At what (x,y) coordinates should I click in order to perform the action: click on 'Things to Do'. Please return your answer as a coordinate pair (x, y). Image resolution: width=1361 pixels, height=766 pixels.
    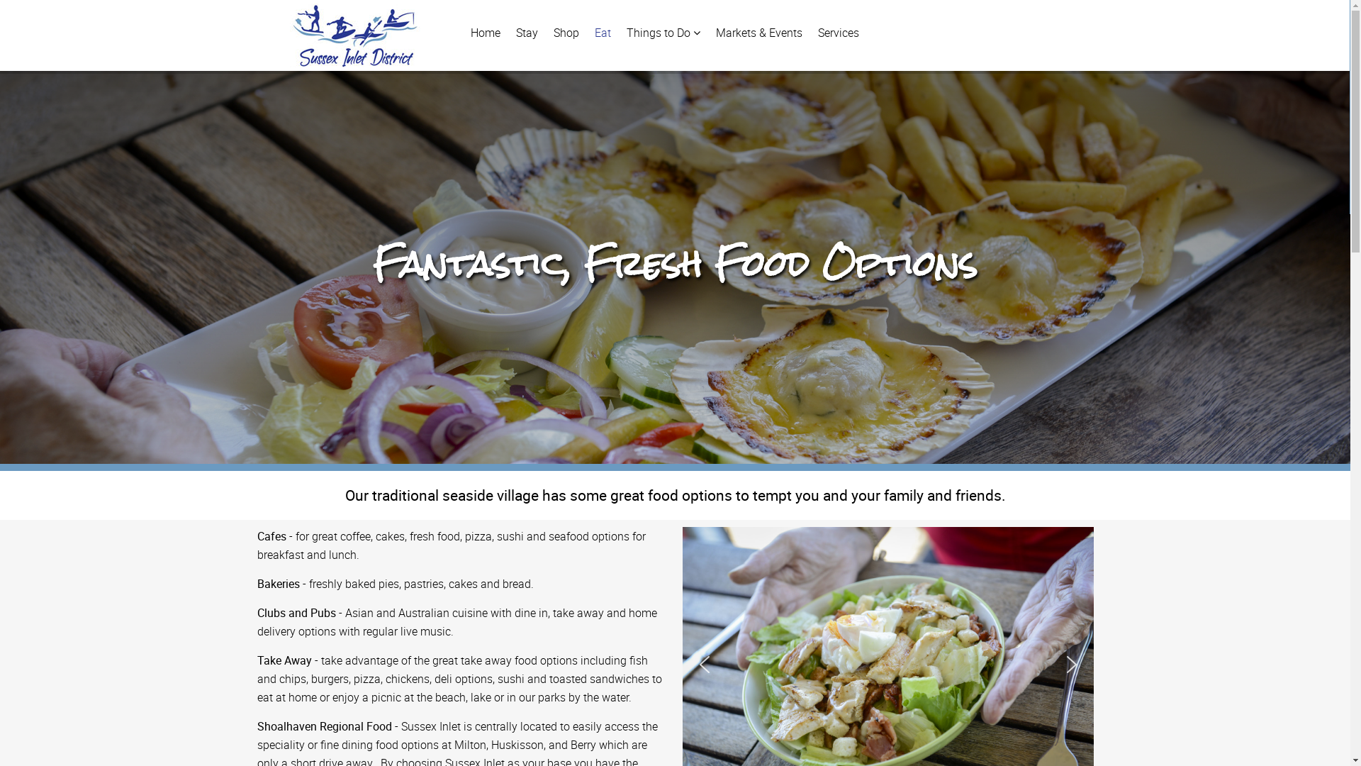
    Looking at the image, I should click on (663, 32).